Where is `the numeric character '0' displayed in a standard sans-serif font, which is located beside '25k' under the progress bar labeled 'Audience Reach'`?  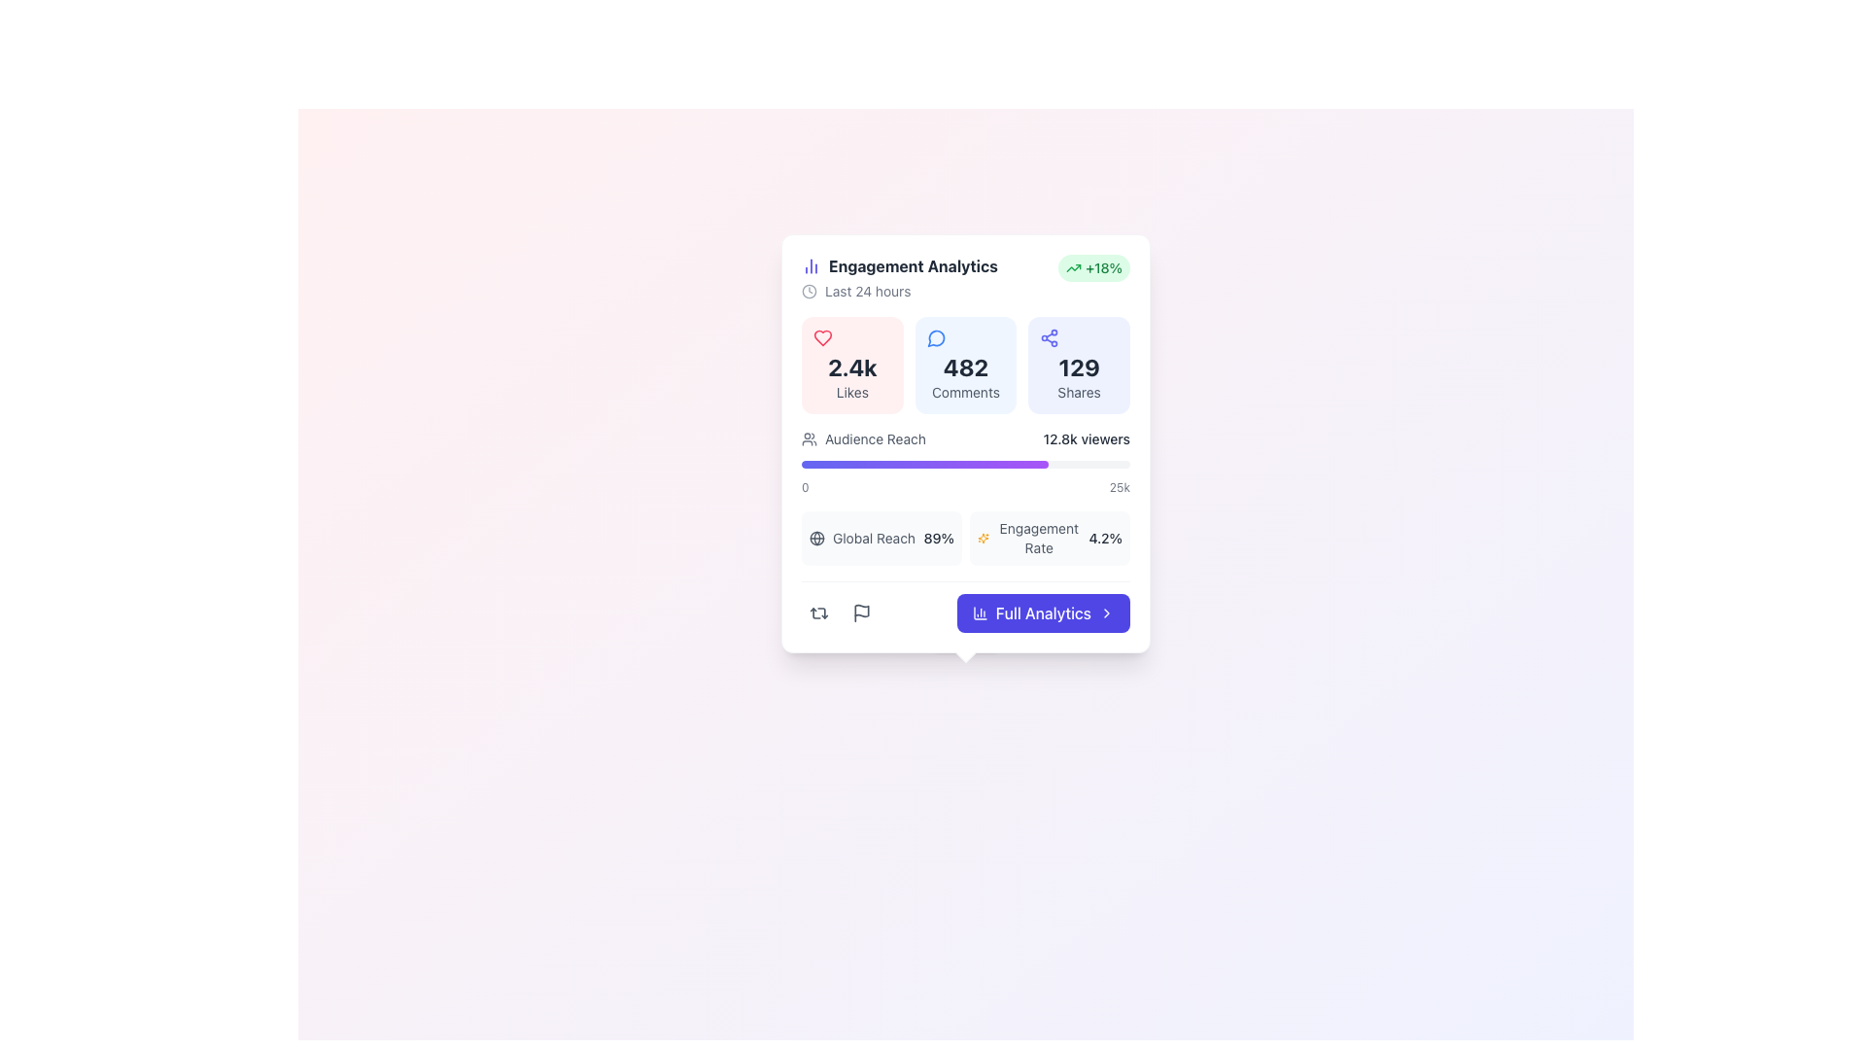
the numeric character '0' displayed in a standard sans-serif font, which is located beside '25k' under the progress bar labeled 'Audience Reach' is located at coordinates (805, 486).